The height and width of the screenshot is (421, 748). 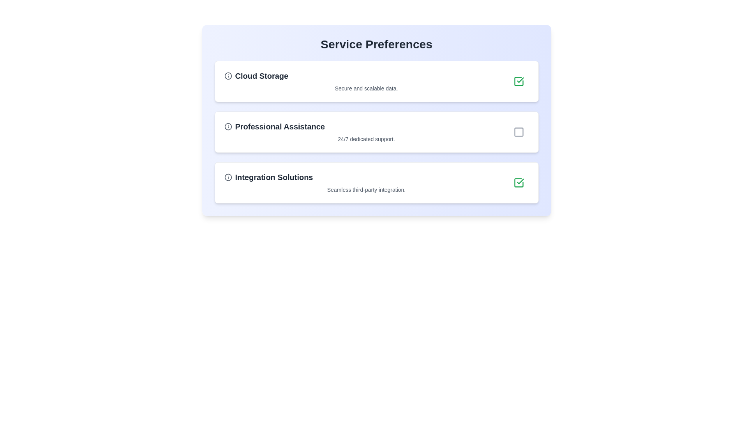 What do you see at coordinates (519, 183) in the screenshot?
I see `the green checkmark icon inside the square outline of the Checkbox Indicator located in the 'Integration Solutions' preference option in the 'Service Preferences' section` at bounding box center [519, 183].